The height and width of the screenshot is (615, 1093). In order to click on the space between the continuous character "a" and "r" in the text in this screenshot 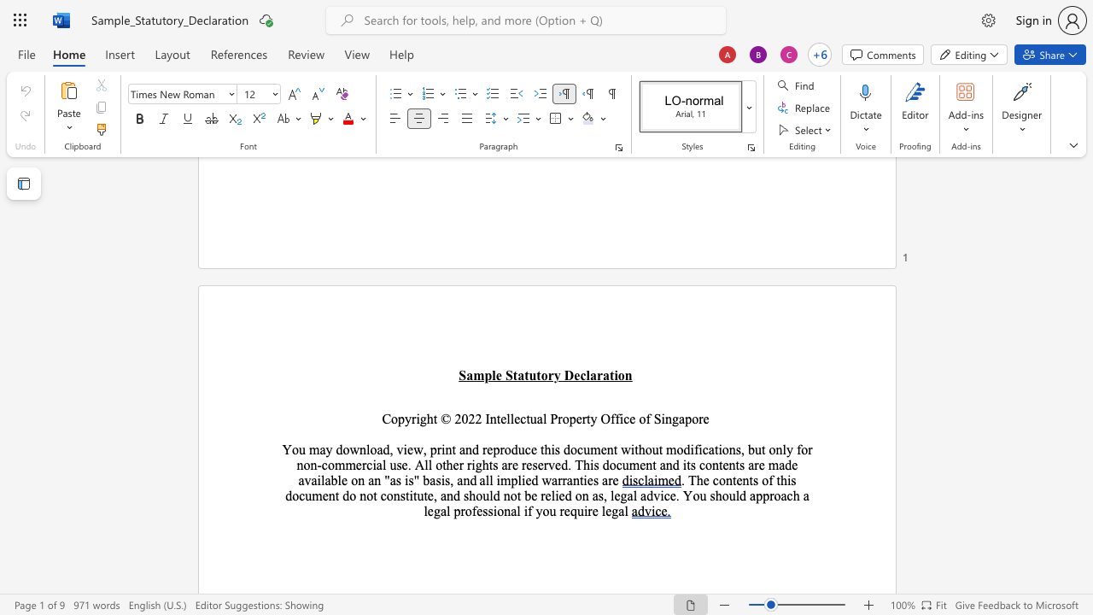, I will do `click(596, 374)`.